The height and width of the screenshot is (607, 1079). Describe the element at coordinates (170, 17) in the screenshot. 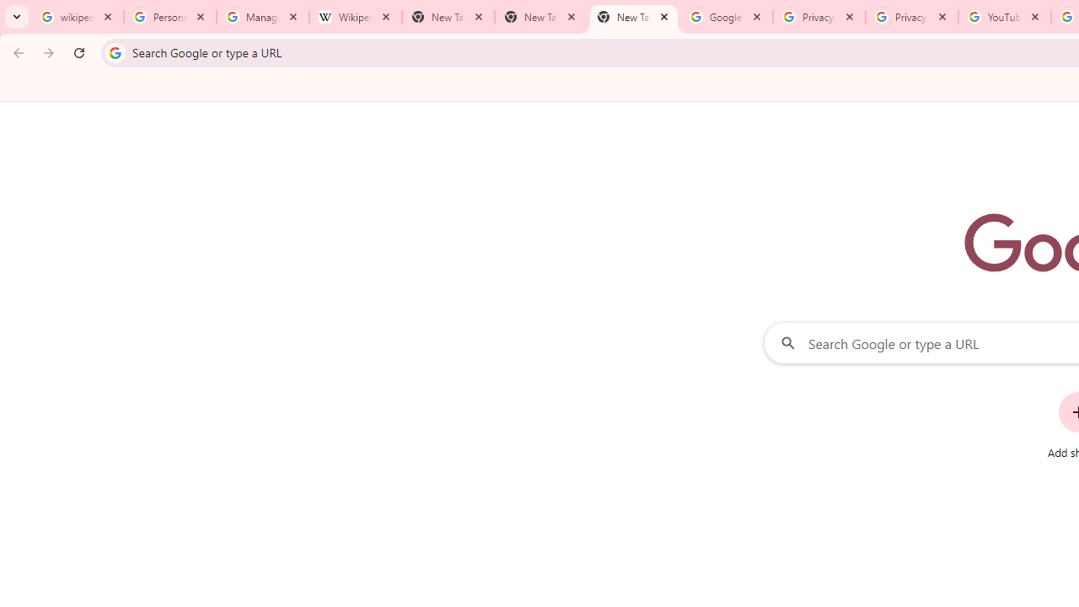

I see `'Personalization & Google Search results - Google Search Help'` at that location.